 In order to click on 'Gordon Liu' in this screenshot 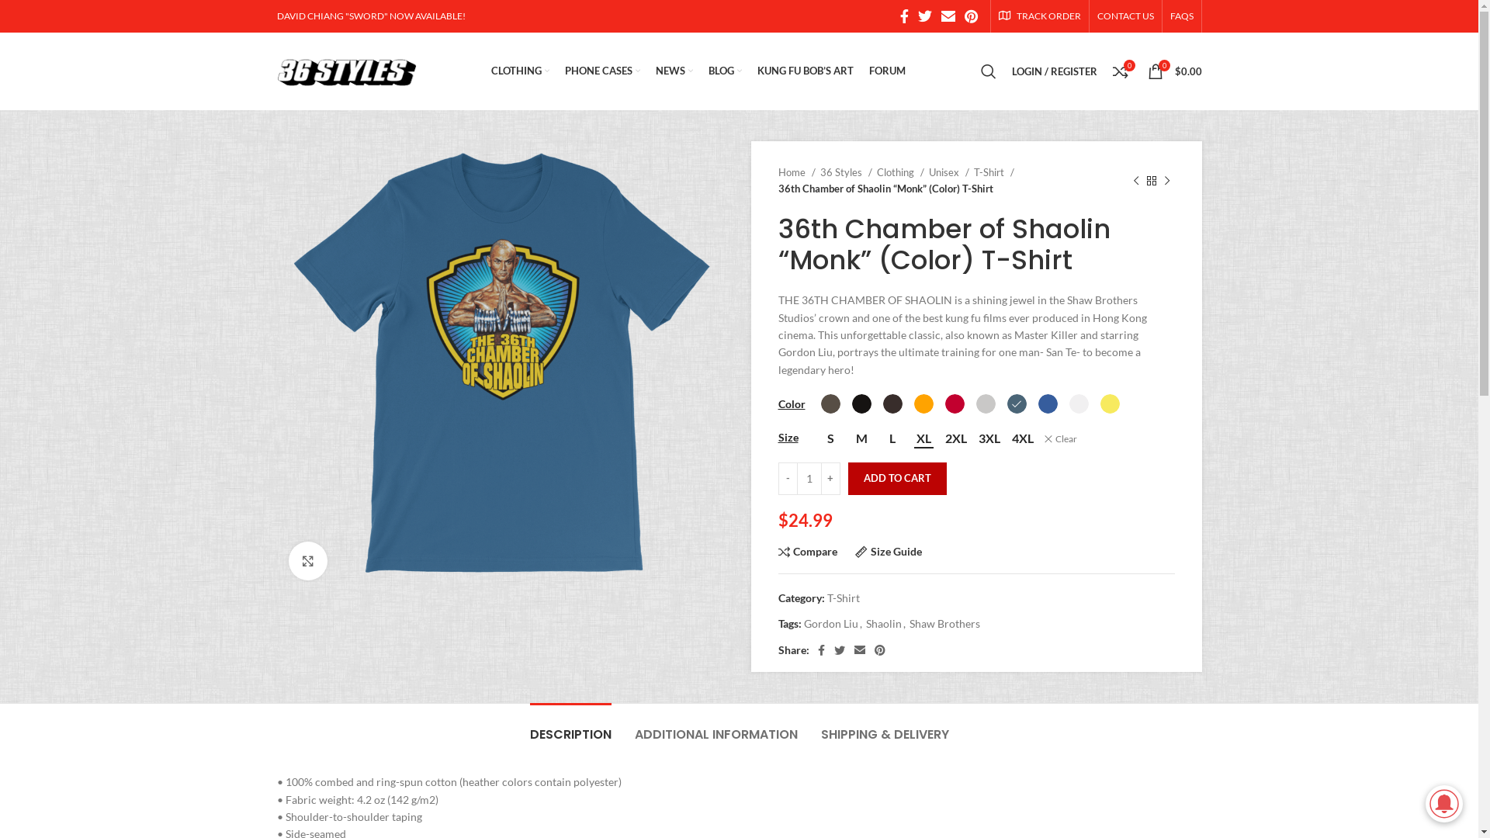, I will do `click(830, 622)`.